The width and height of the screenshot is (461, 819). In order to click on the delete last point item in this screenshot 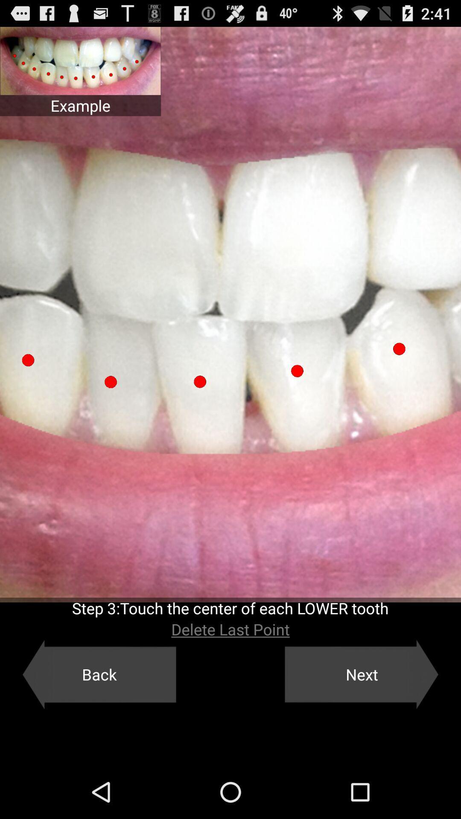, I will do `click(230, 629)`.